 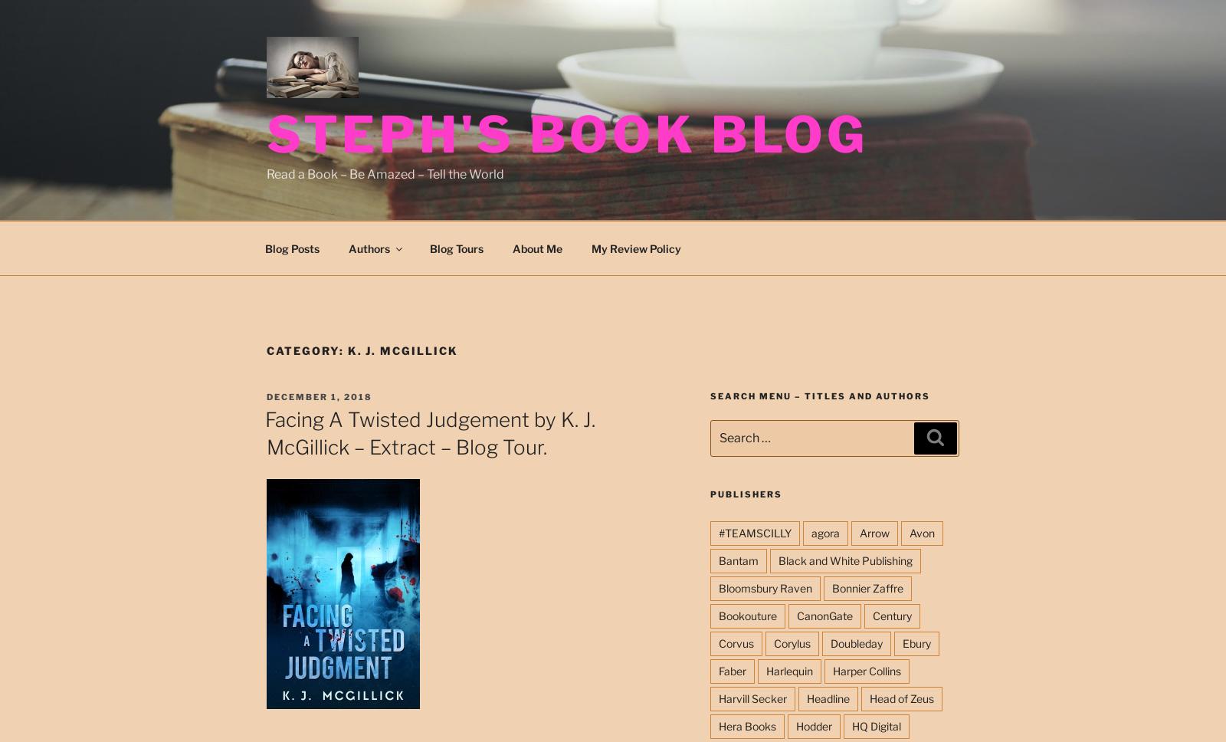 What do you see at coordinates (318, 396) in the screenshot?
I see `'December 1, 2018'` at bounding box center [318, 396].